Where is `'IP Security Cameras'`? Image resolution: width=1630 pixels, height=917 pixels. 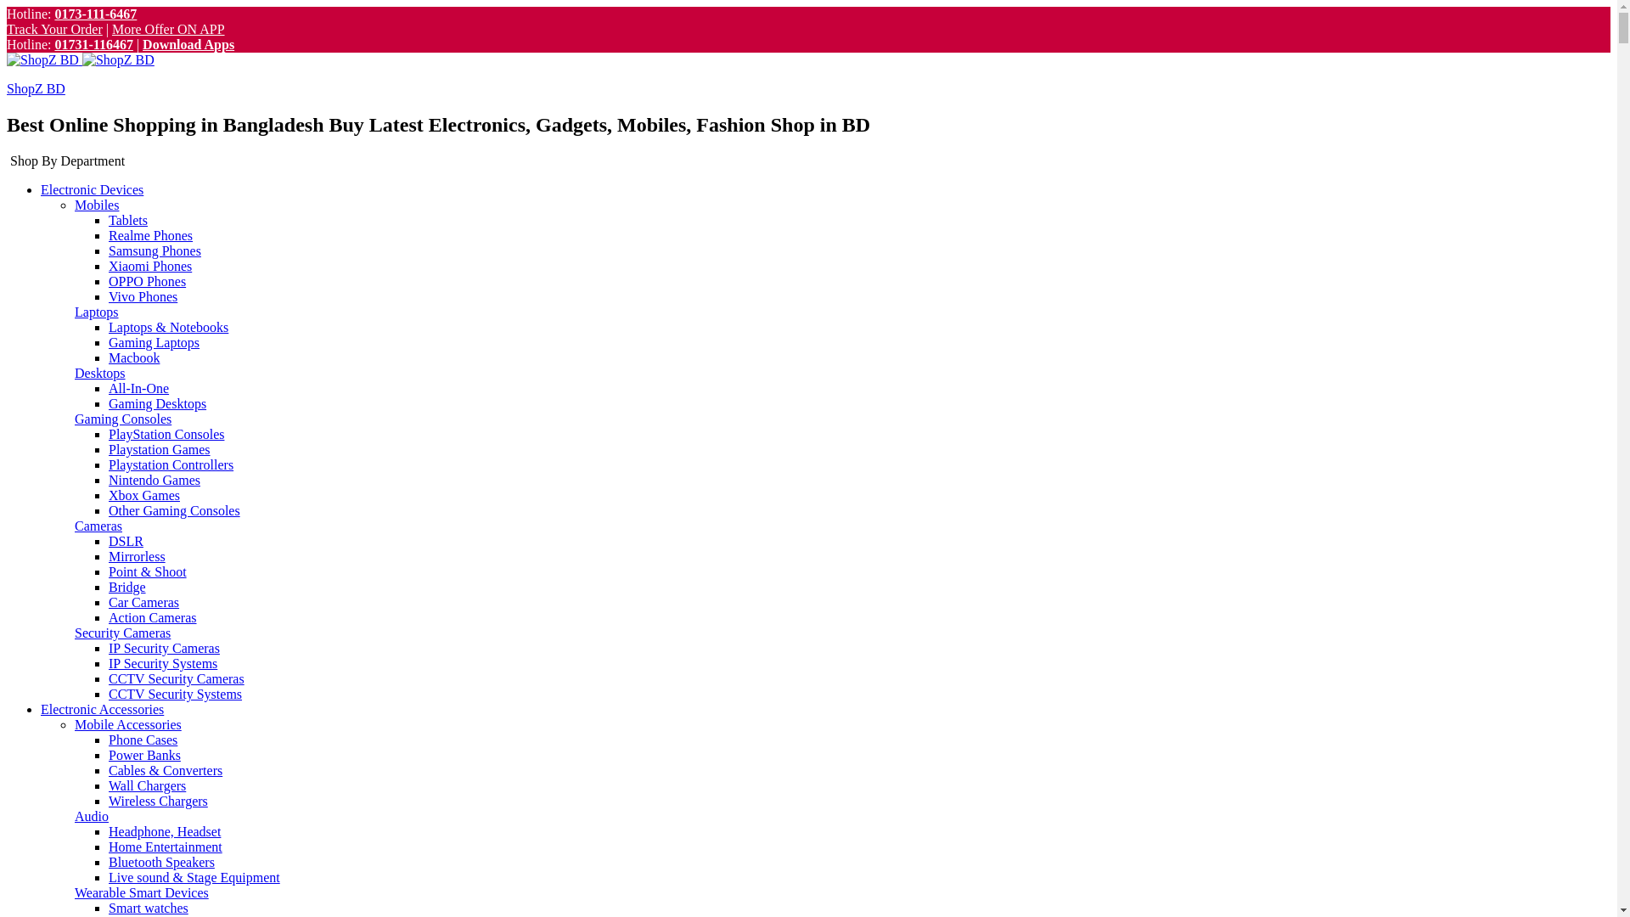
'IP Security Cameras' is located at coordinates (108, 648).